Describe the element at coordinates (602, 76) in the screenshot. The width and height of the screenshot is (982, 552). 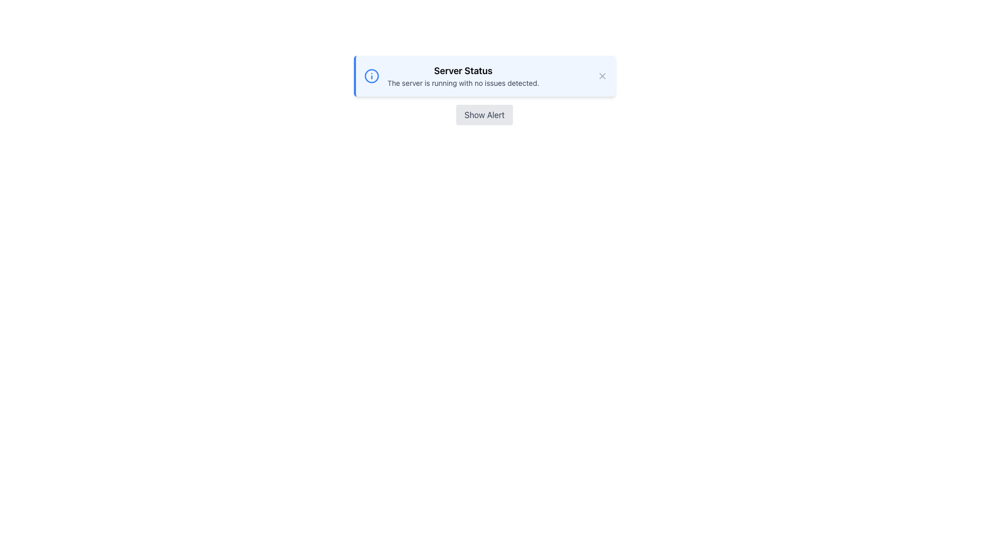
I see `the close button styled as an 'X' icon located in the top-right corner of the notification panel` at that location.